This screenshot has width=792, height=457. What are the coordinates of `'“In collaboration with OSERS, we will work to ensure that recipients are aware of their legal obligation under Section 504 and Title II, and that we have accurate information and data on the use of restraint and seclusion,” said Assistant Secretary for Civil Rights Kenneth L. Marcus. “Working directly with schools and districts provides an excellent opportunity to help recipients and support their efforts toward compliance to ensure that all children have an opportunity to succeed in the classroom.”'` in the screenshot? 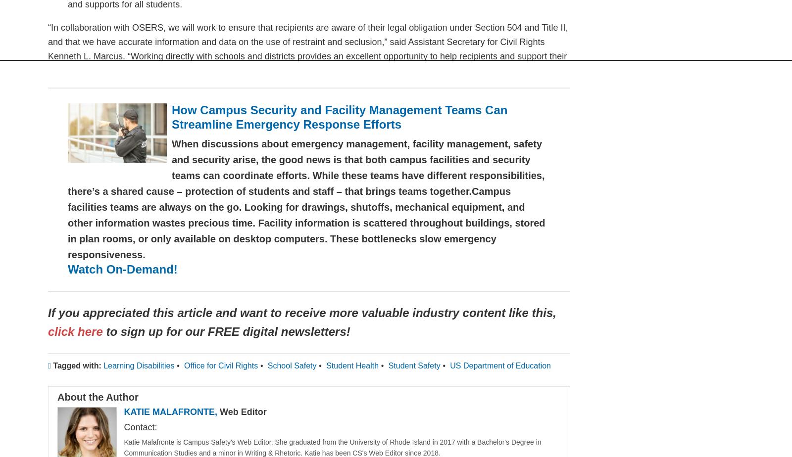 It's located at (308, 48).